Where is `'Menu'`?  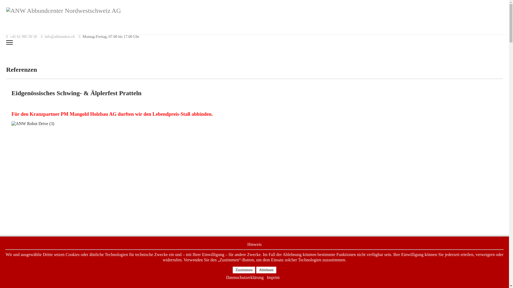
'Menu' is located at coordinates (254, 42).